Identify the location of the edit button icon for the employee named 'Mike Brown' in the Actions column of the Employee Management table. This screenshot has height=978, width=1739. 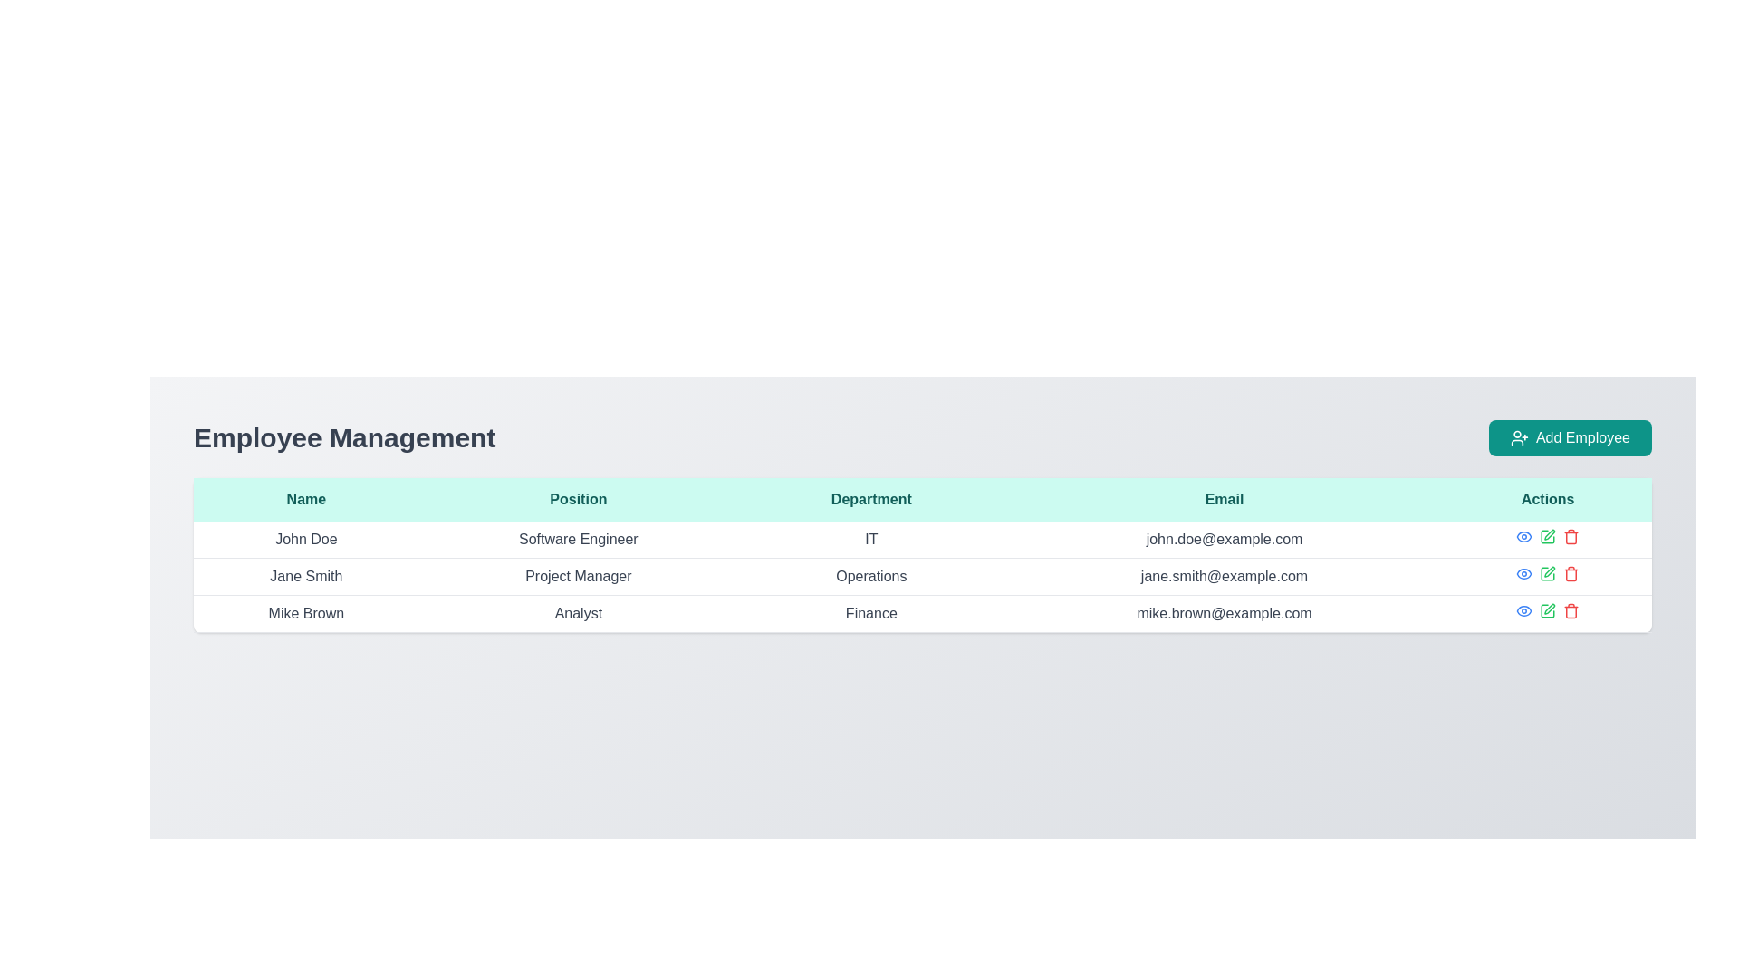
(1549, 609).